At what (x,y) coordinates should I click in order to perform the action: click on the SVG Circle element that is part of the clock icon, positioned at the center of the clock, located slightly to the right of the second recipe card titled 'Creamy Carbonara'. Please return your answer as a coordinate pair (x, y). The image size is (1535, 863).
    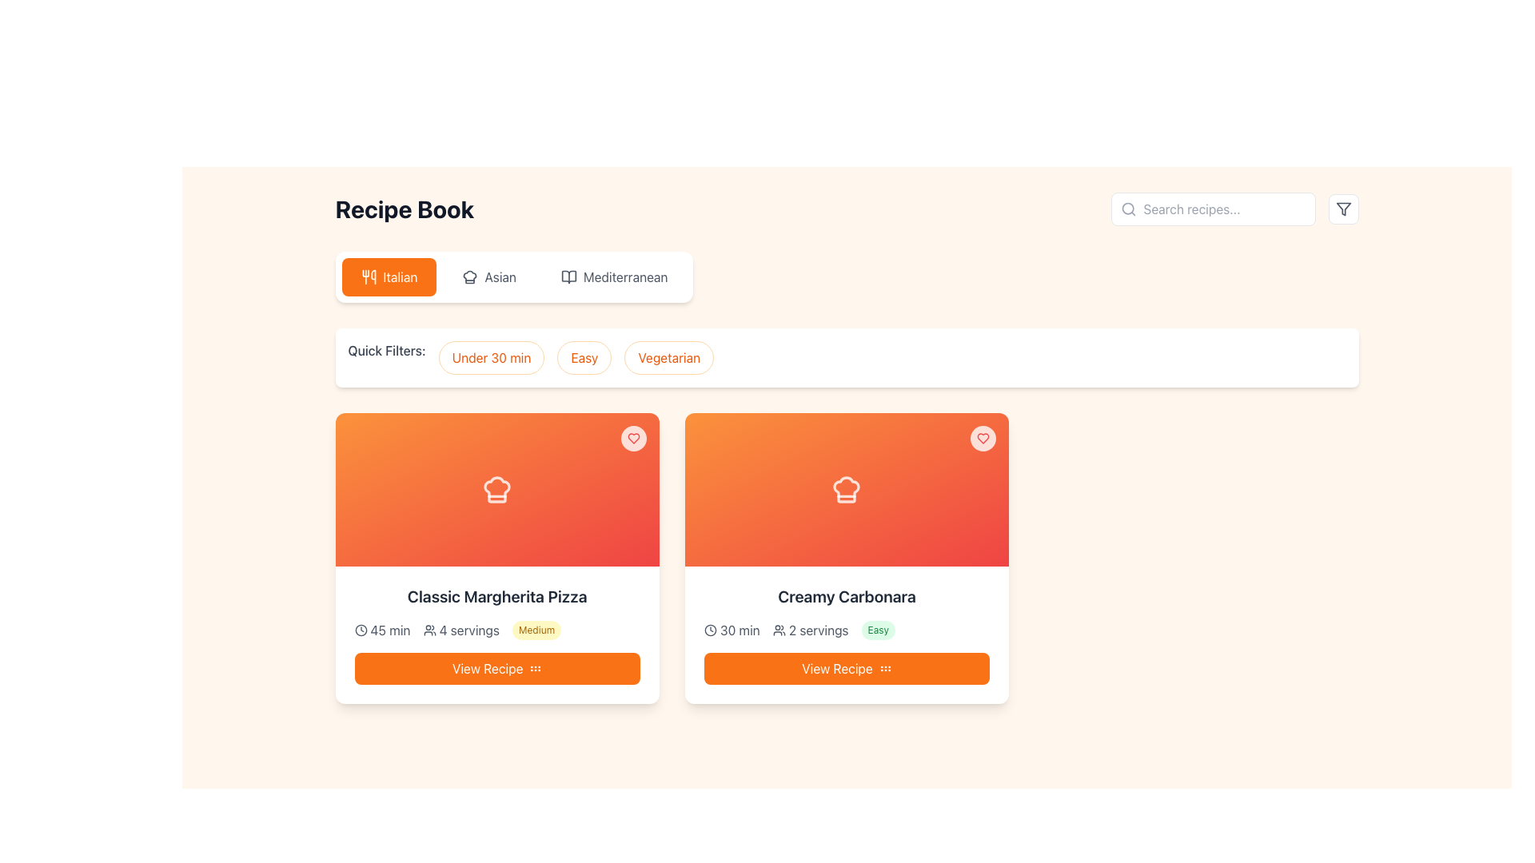
    Looking at the image, I should click on (709, 630).